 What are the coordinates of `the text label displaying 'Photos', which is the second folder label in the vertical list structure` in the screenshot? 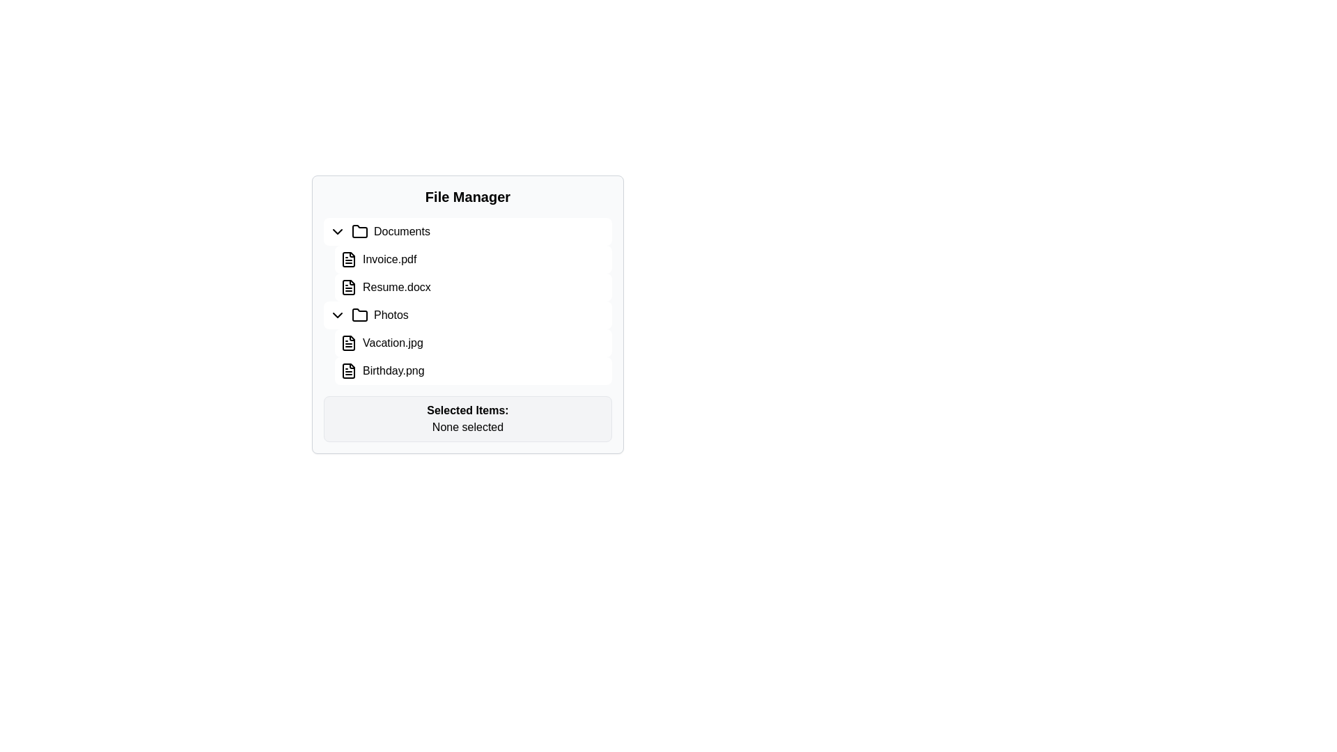 It's located at (390, 315).